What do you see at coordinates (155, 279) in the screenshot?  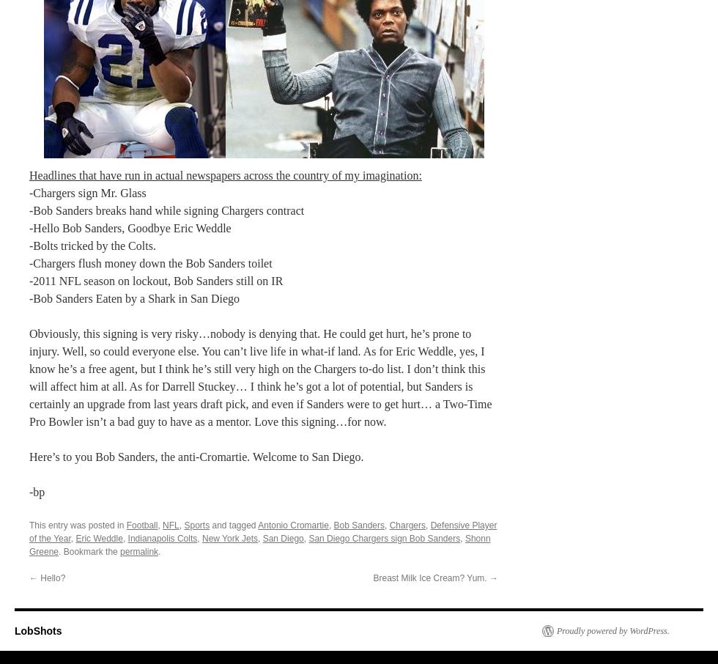 I see `'-2011 NFL season on lockout, Bob Sanders still on IR'` at bounding box center [155, 279].